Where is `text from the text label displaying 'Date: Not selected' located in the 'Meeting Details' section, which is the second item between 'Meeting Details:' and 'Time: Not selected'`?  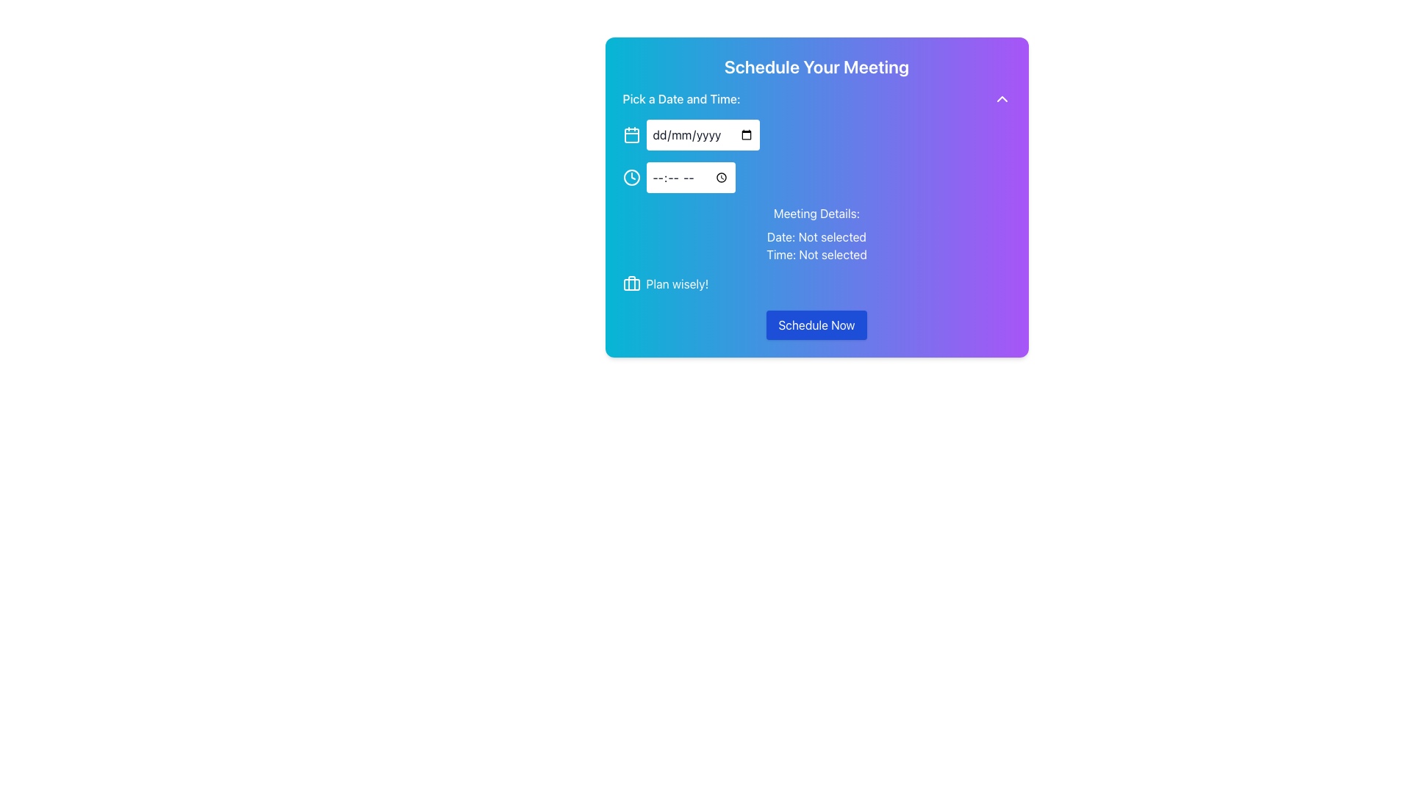 text from the text label displaying 'Date: Not selected' located in the 'Meeting Details' section, which is the second item between 'Meeting Details:' and 'Time: Not selected' is located at coordinates (816, 236).